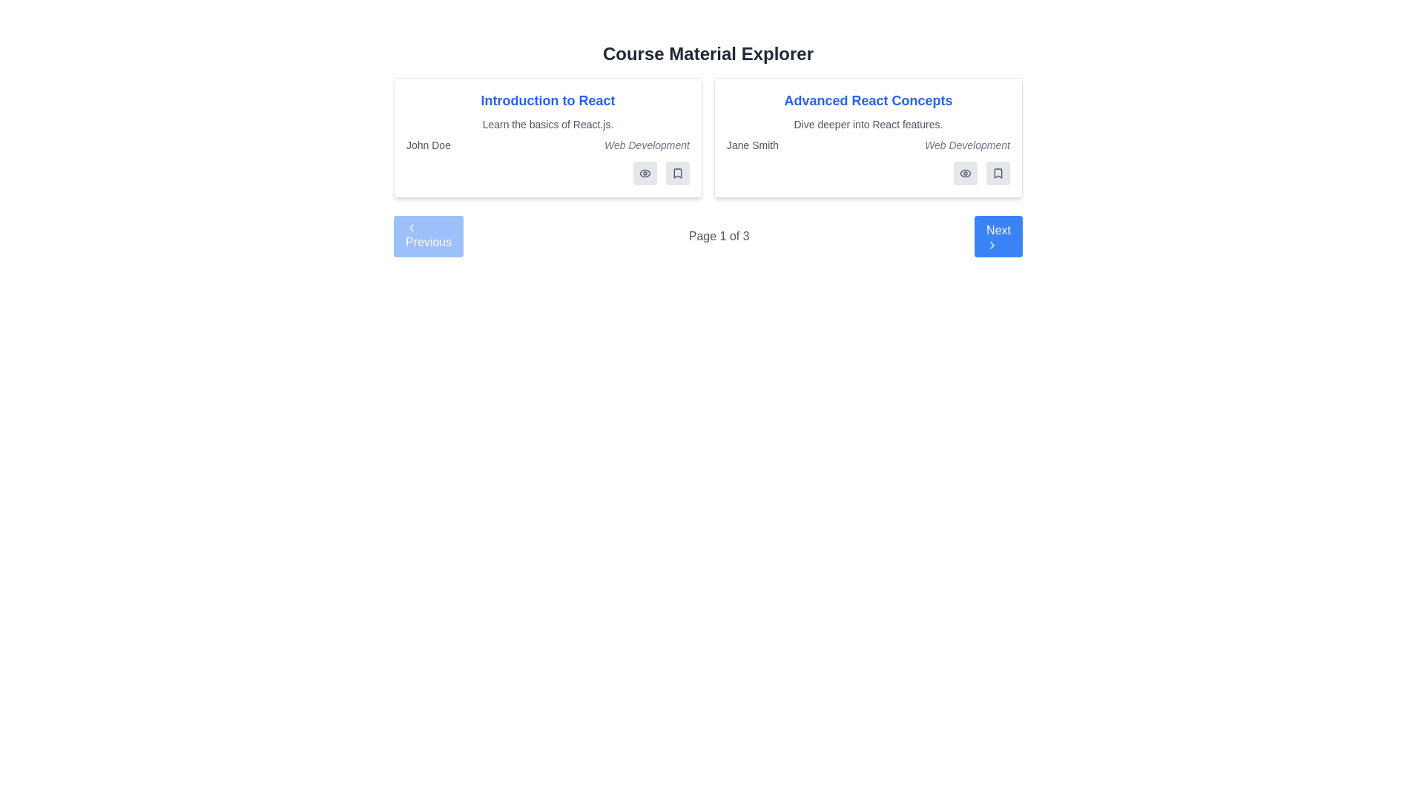 Image resolution: width=1424 pixels, height=801 pixels. Describe the element at coordinates (998, 236) in the screenshot. I see `the navigation button located at the right-most end of the horizontal navigation section to move to the next page` at that location.